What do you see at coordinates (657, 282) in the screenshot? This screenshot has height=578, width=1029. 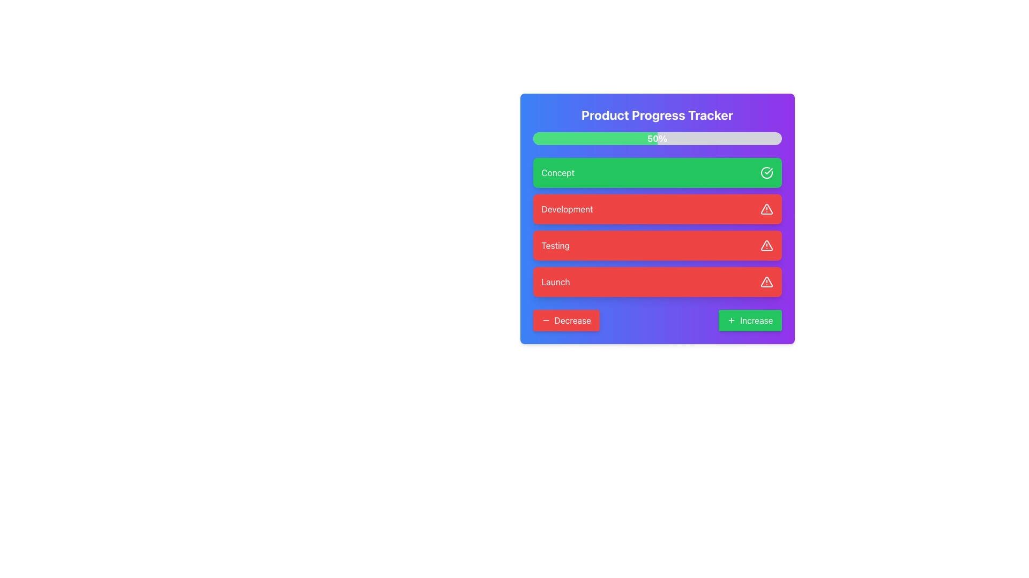 I see `the informational text box with a red background and white 'Launch' text, which contains a warning icon, located at the bottom of the 'Progress Tracker' list` at bounding box center [657, 282].